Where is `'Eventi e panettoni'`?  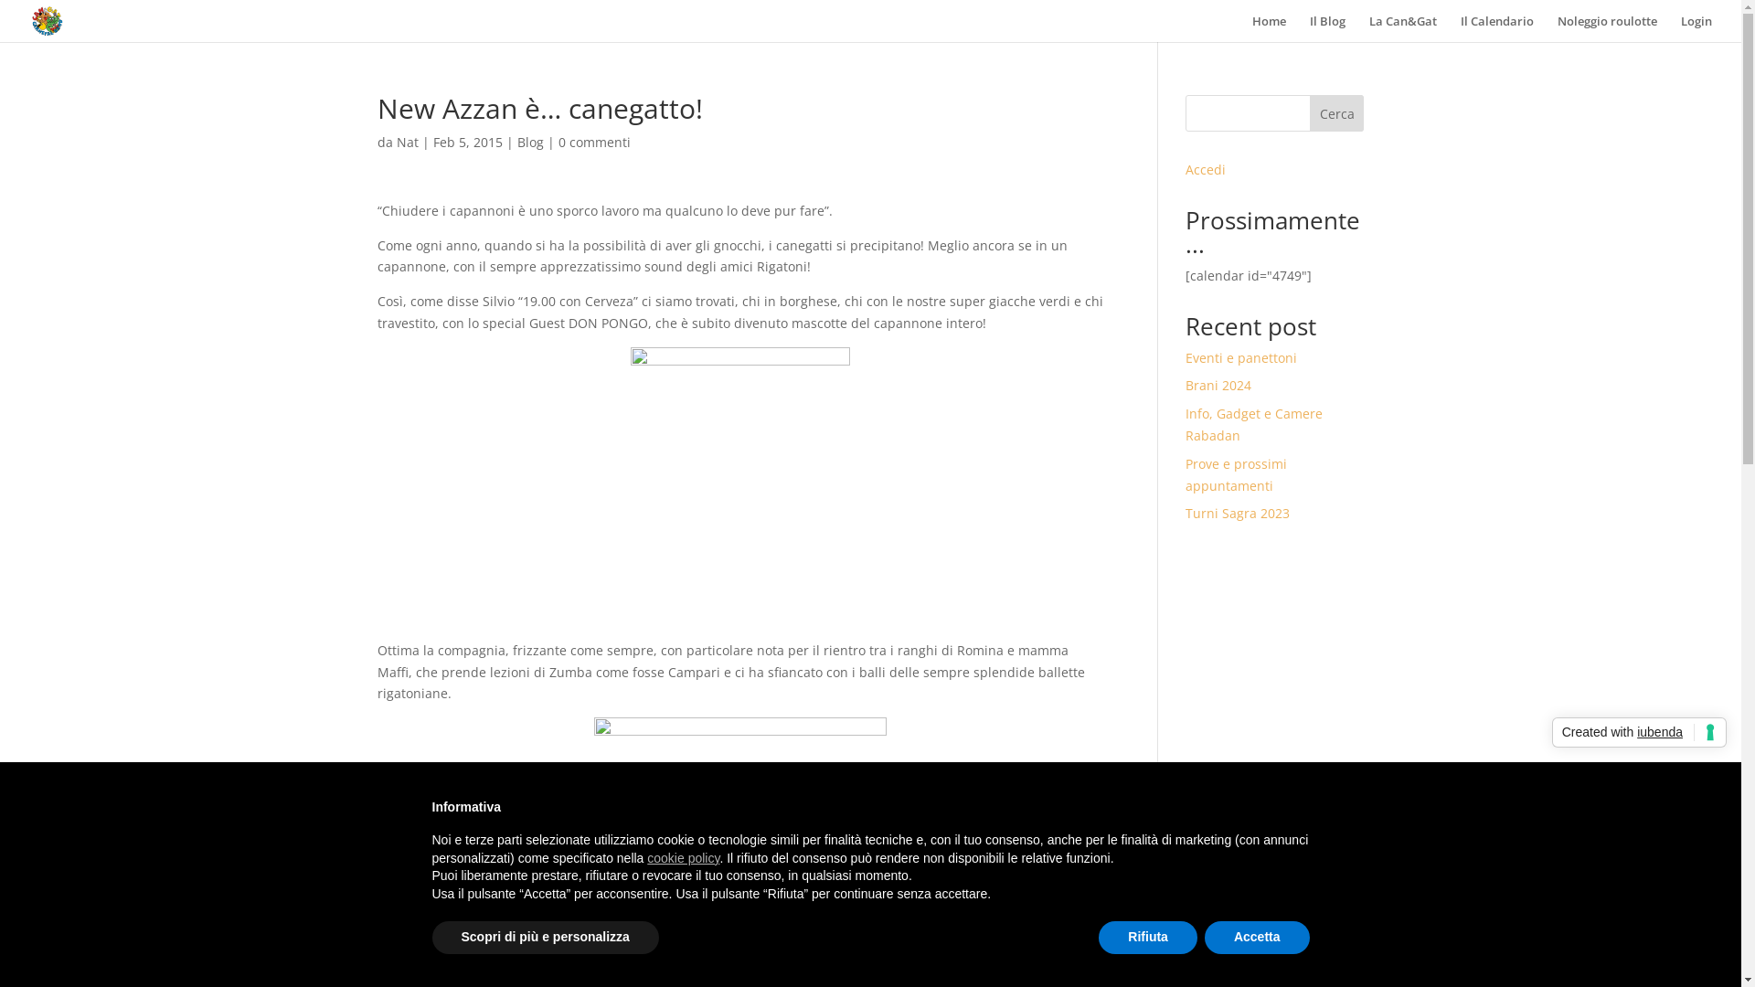
'Eventi e panettoni' is located at coordinates (1185, 357).